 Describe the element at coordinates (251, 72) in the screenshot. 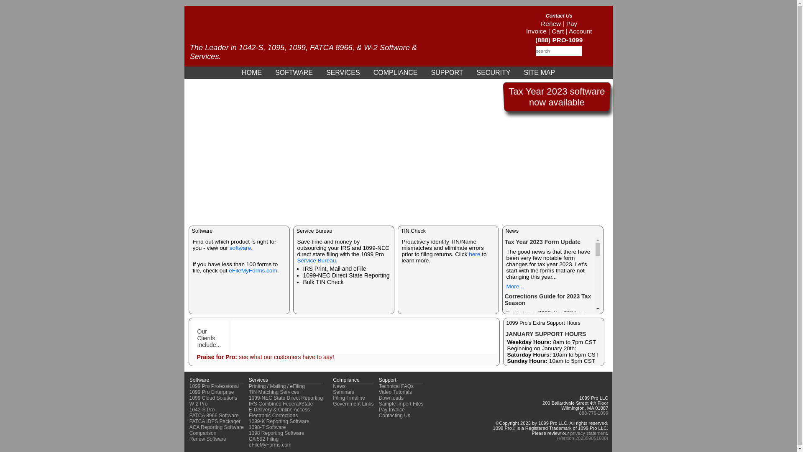

I see `'HOME'` at that location.